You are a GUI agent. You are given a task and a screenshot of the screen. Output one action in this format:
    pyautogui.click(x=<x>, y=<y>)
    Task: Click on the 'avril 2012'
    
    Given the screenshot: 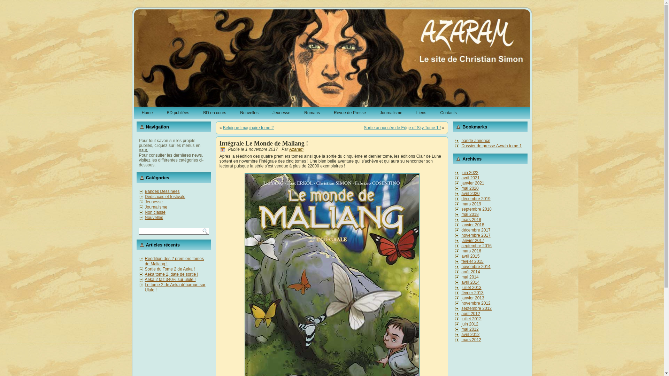 What is the action you would take?
    pyautogui.click(x=470, y=334)
    